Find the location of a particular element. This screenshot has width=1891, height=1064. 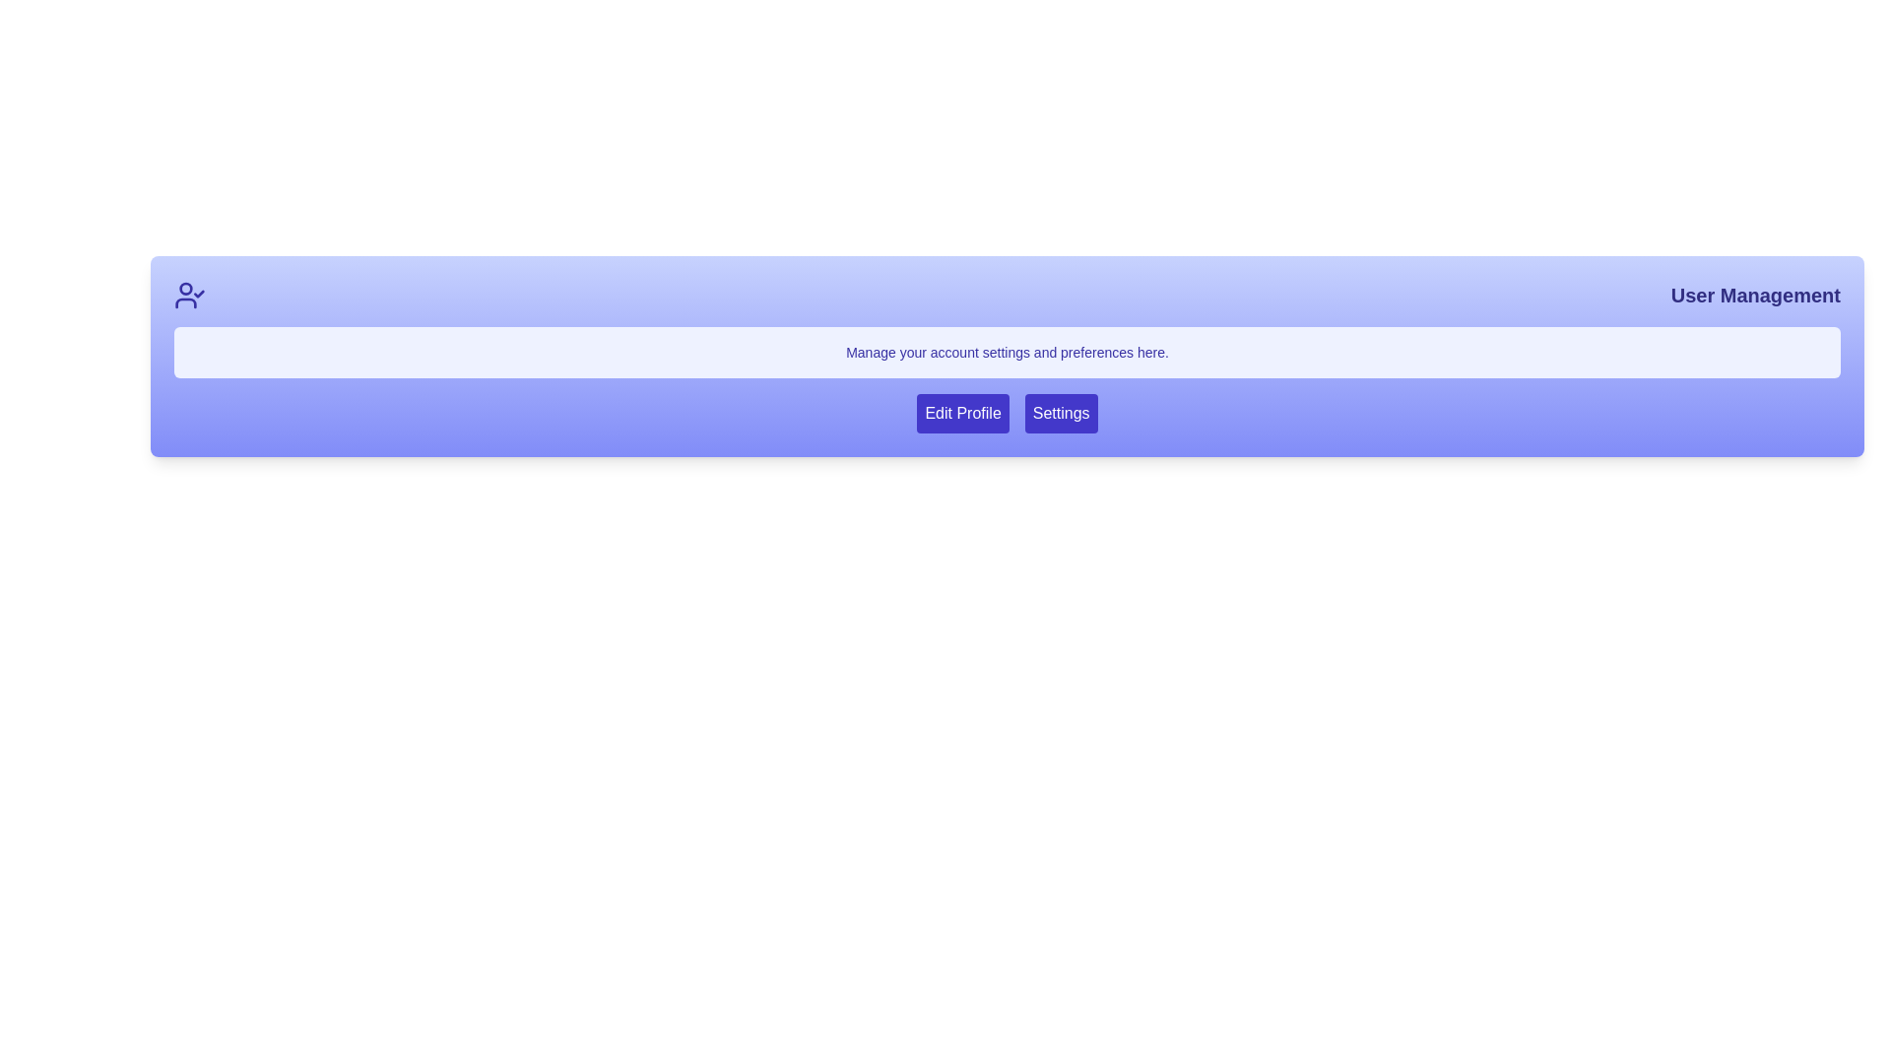

the 'Settings' button, which is a rectangular button with rounded corners, featuring white text on a purple background is located at coordinates (1060, 413).